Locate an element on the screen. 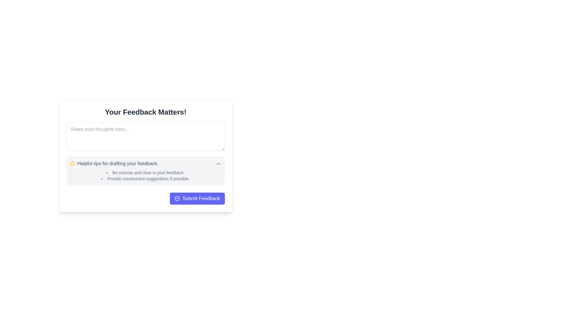  text 'Helpful tips for drafting your feedback.' from the informational label with a yellowish circular icon, located centrally within a gray background box is located at coordinates (146, 163).